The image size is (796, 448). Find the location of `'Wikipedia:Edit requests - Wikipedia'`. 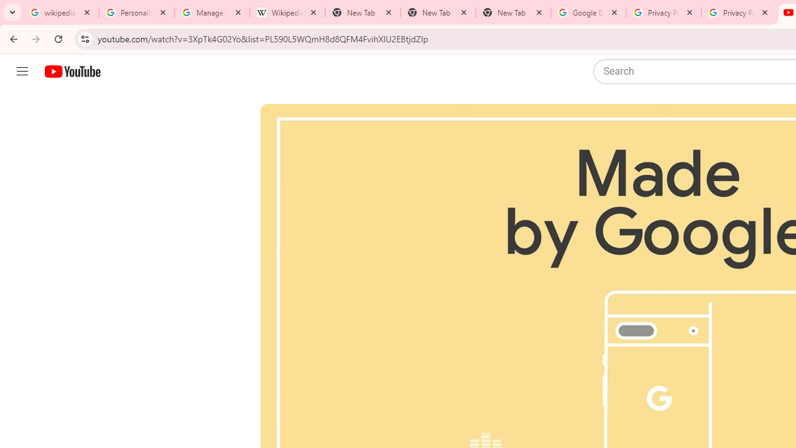

'Wikipedia:Edit requests - Wikipedia' is located at coordinates (287, 12).